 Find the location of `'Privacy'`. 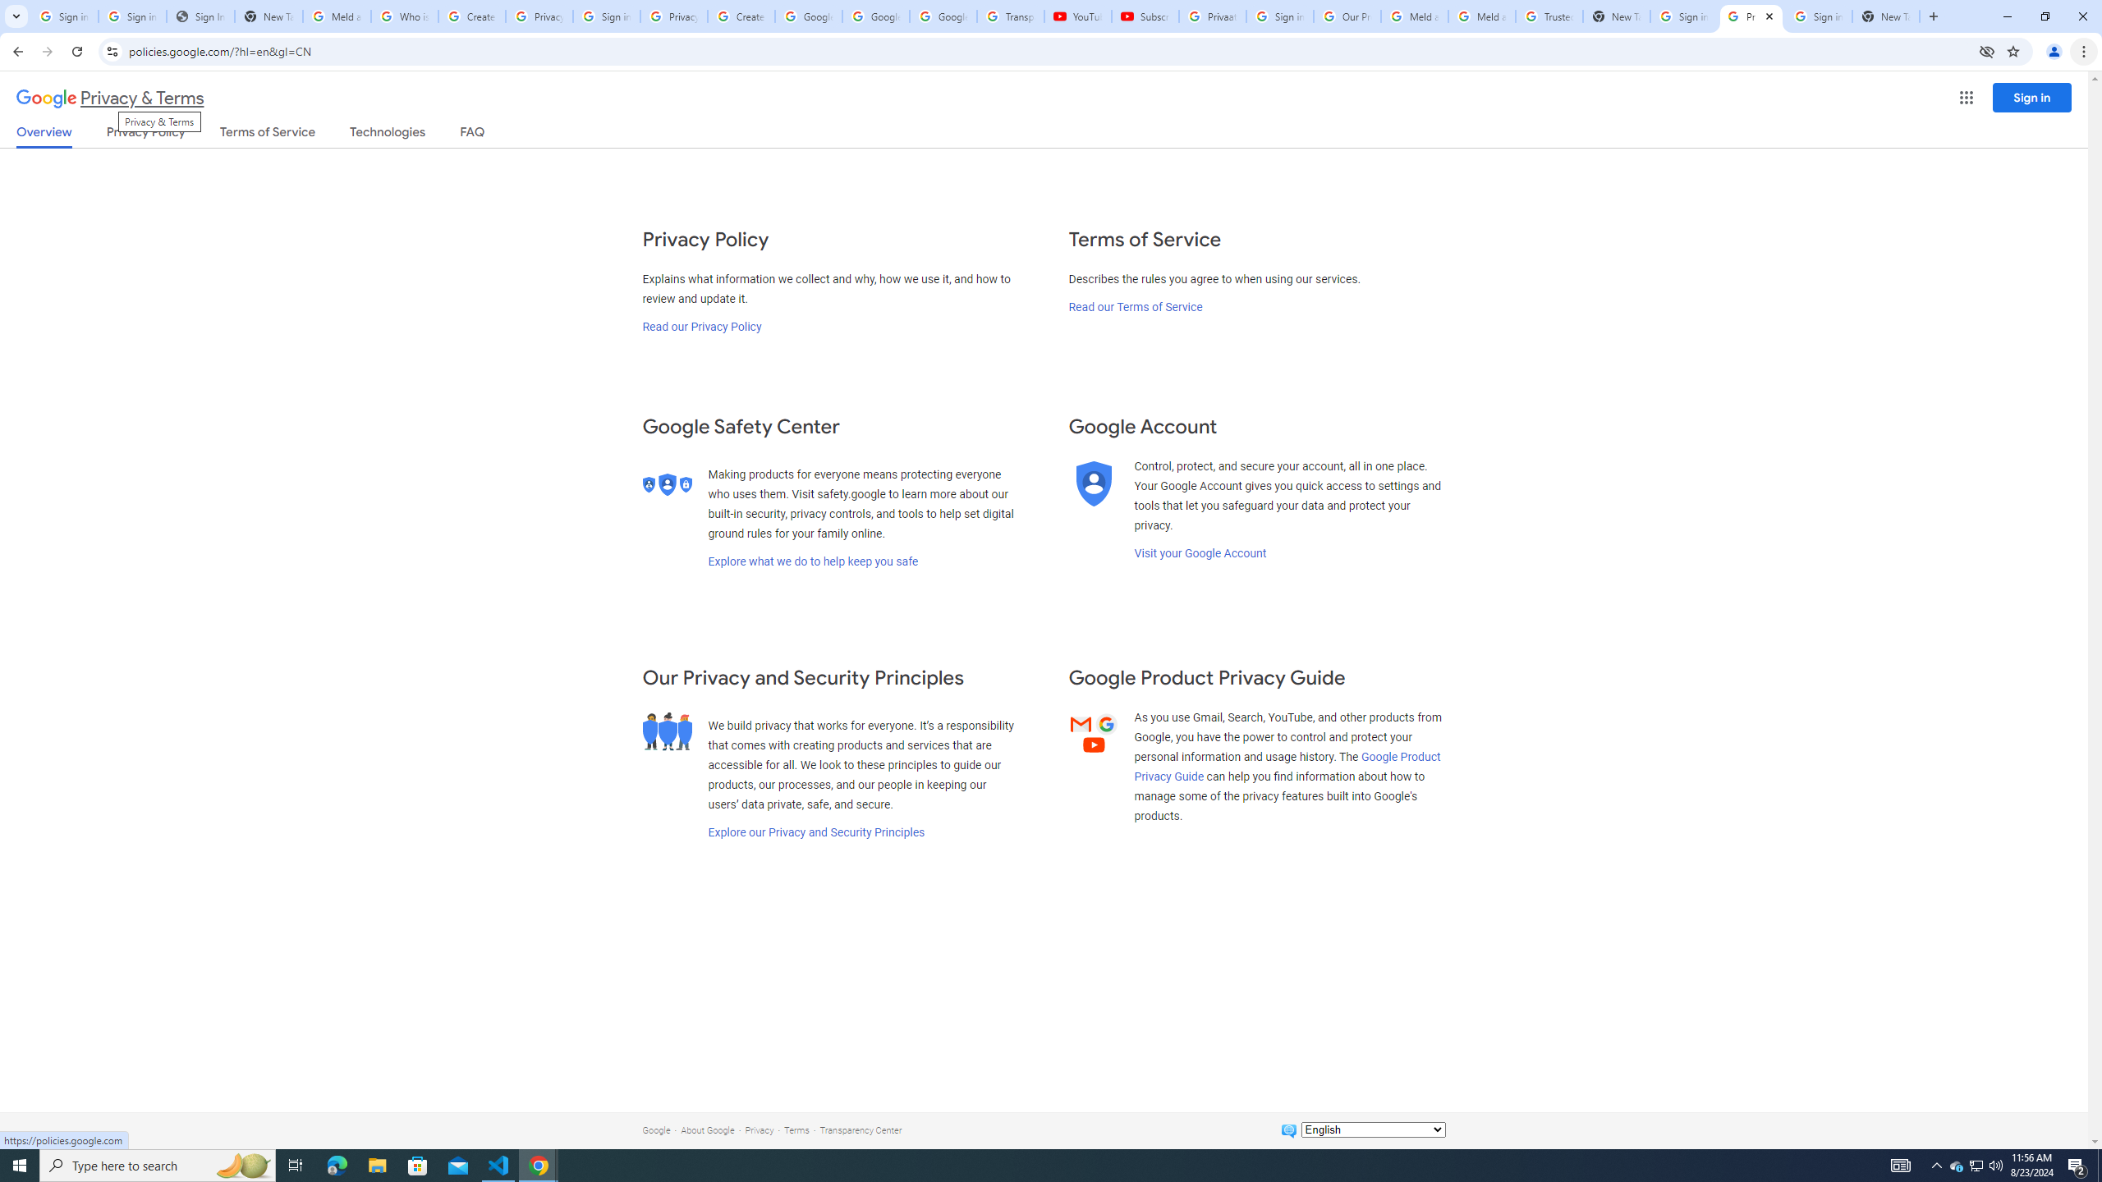

'Privacy' is located at coordinates (759, 1129).